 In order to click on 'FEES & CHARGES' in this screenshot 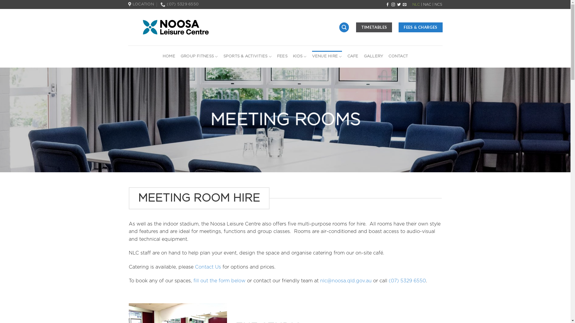, I will do `click(420, 28)`.